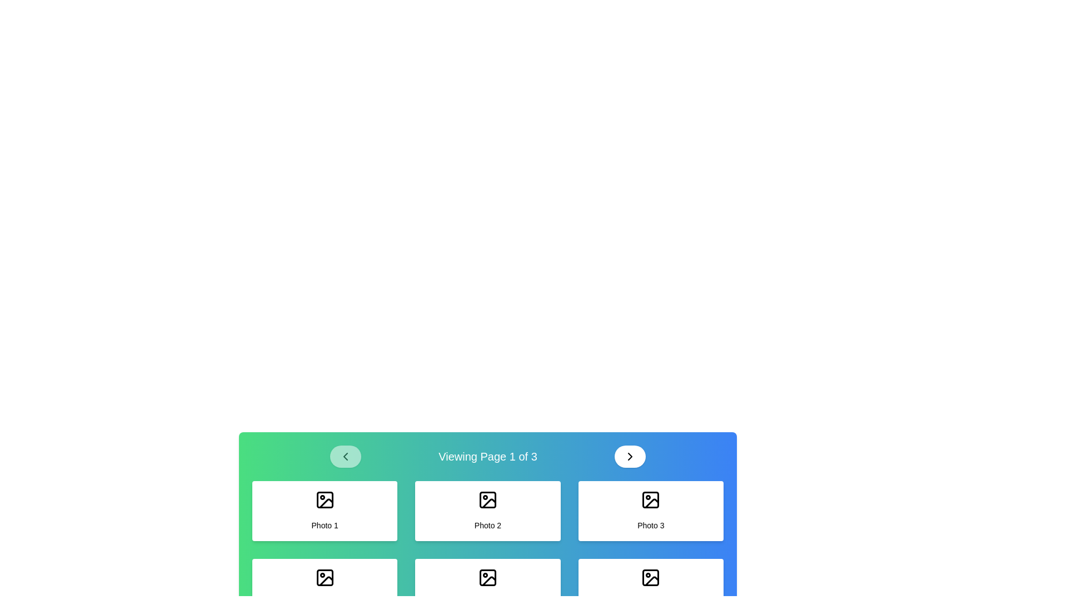 Image resolution: width=1067 pixels, height=600 pixels. What do you see at coordinates (488, 456) in the screenshot?
I see `text element displaying the current page position, which is centrally located above the grid of photo entries` at bounding box center [488, 456].